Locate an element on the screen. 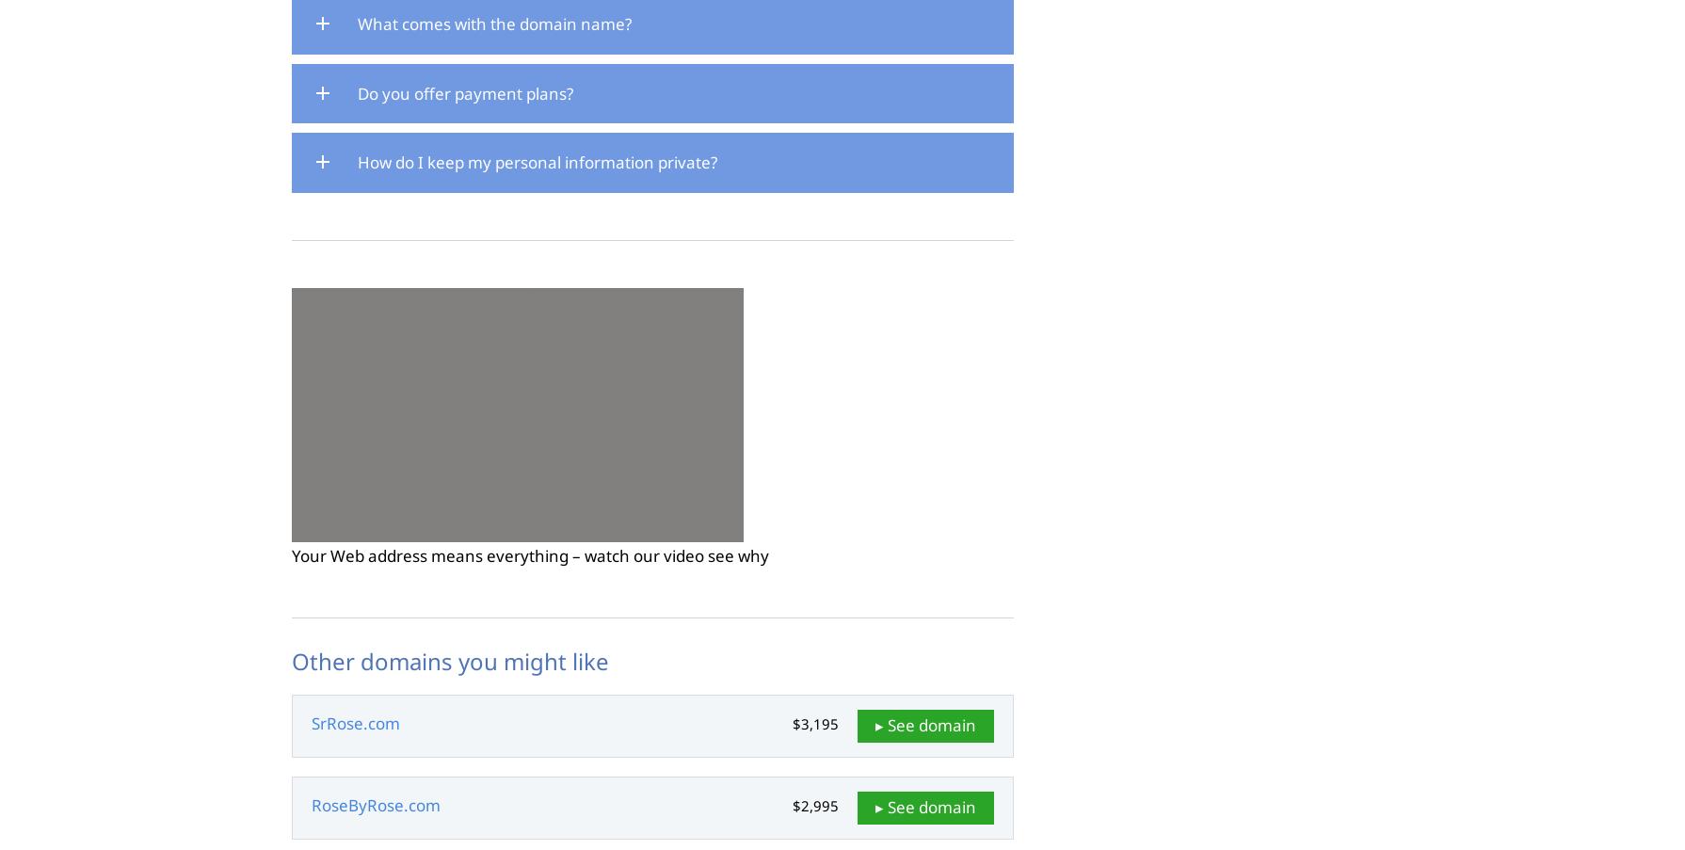 The height and width of the screenshot is (850, 1685). 'Other domains you might like' is located at coordinates (449, 659).